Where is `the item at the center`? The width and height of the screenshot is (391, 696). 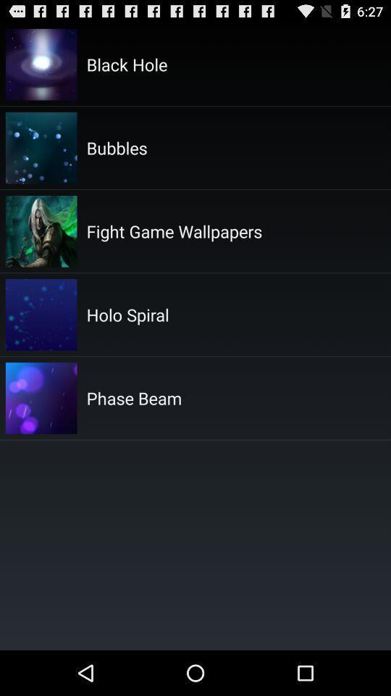
the item at the center is located at coordinates (134, 398).